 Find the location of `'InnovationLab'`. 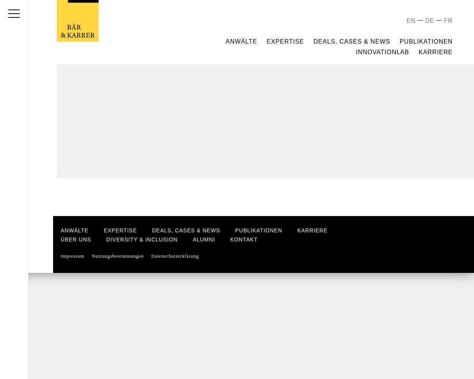

'InnovationLab' is located at coordinates (382, 52).